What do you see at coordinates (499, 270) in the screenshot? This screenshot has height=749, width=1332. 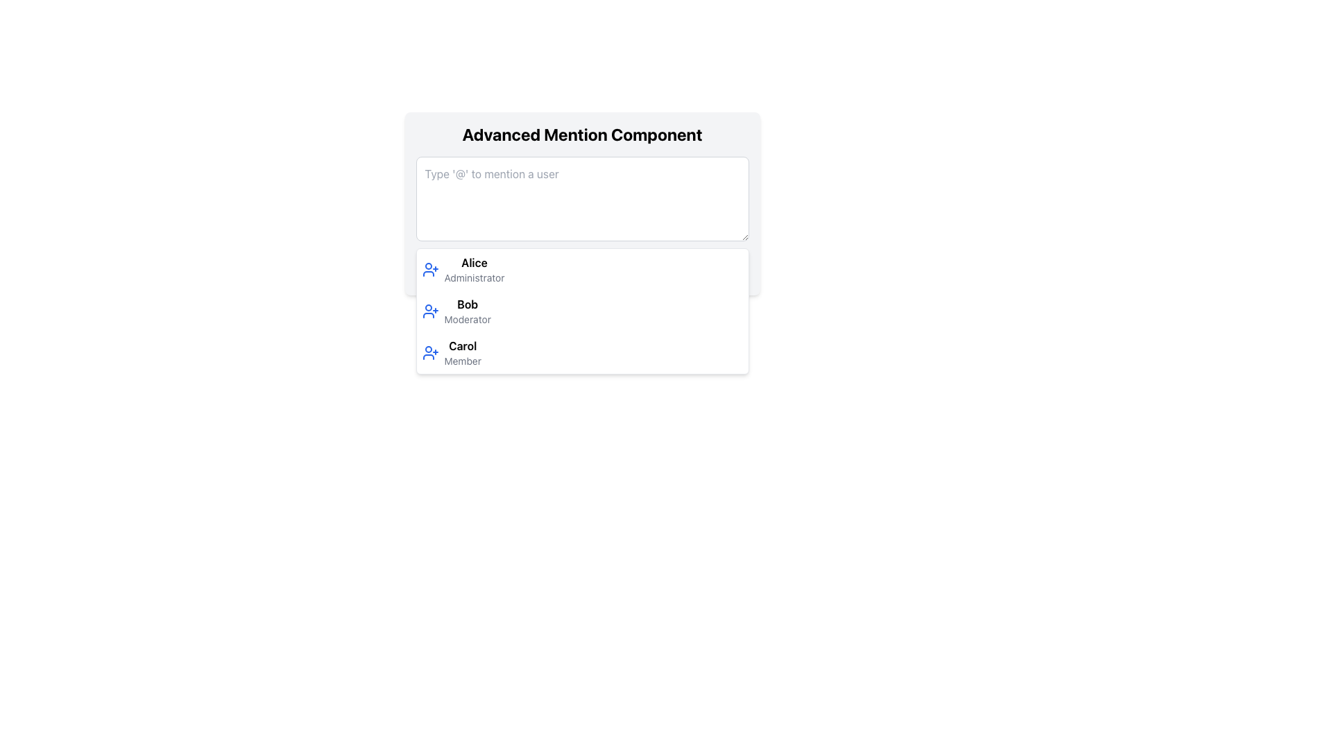 I see `the smiley face SVG icon, which is a yellow circle with eyes and a smiling mouth, located to the right of the 'Send' label` at bounding box center [499, 270].